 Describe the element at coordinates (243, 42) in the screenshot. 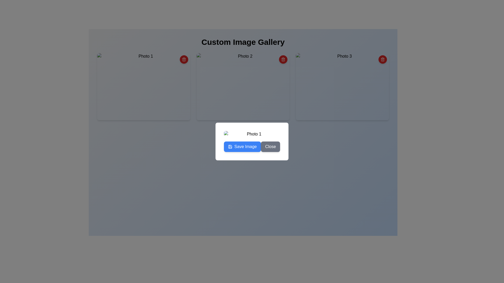

I see `text label that serves as the title or header for the page, positioned at the top center of the layout area` at that location.